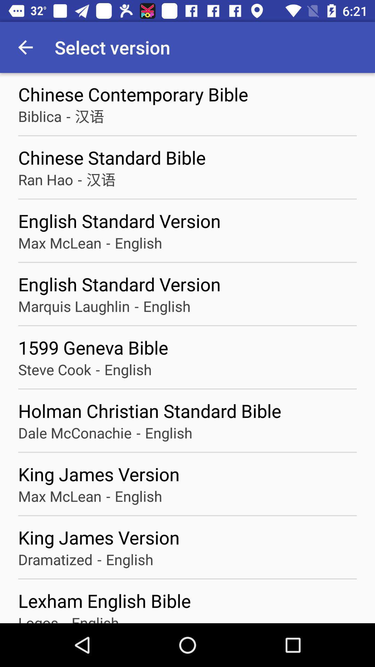 This screenshot has width=375, height=667. Describe the element at coordinates (75, 432) in the screenshot. I see `the item above the king james version icon` at that location.